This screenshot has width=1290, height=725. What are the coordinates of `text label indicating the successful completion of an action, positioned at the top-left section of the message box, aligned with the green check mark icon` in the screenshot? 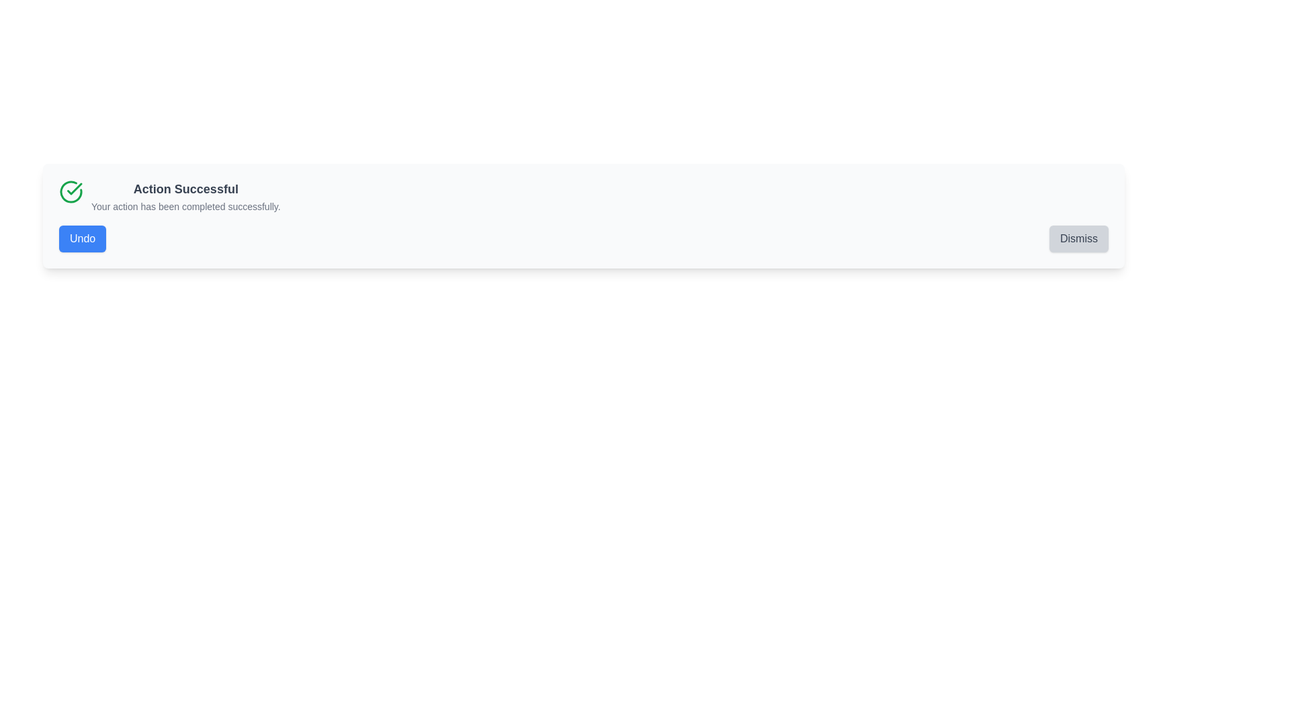 It's located at (185, 189).